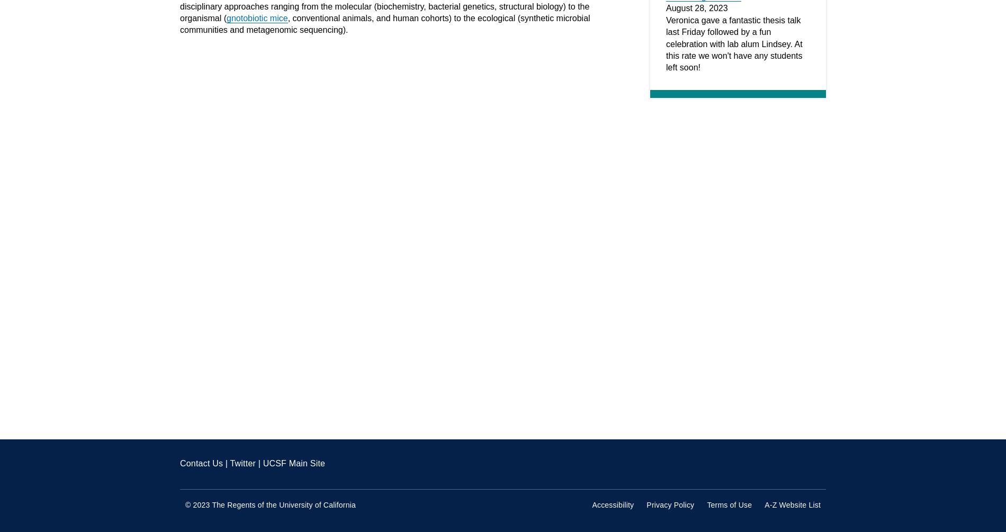 The image size is (1006, 532). Describe the element at coordinates (257, 18) in the screenshot. I see `'gnotobiotic mice'` at that location.